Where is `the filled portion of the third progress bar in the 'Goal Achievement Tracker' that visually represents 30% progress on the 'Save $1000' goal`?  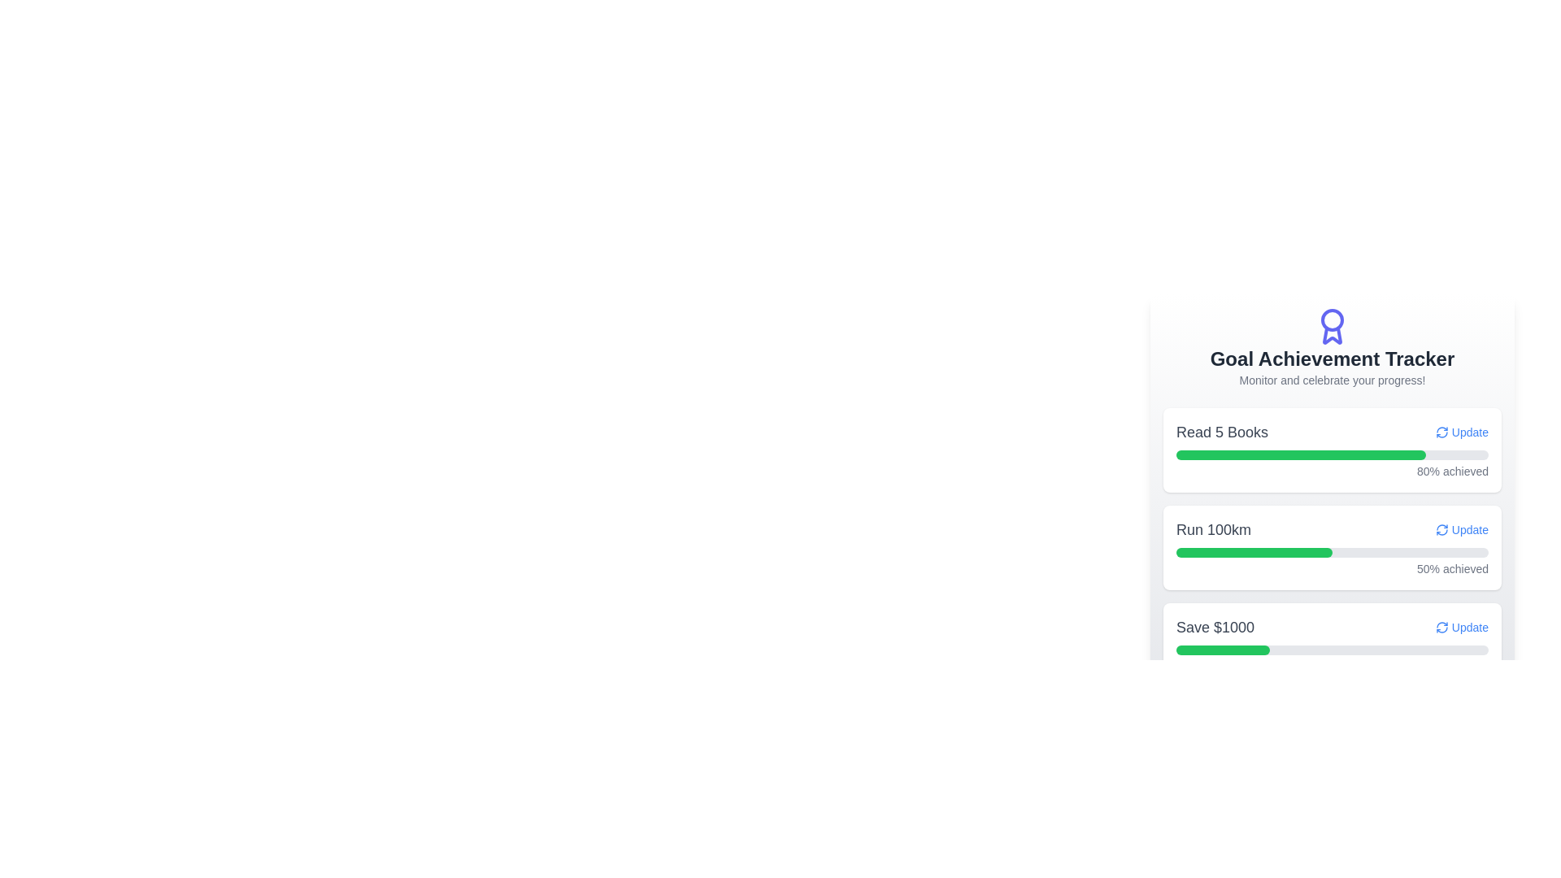 the filled portion of the third progress bar in the 'Goal Achievement Tracker' that visually represents 30% progress on the 'Save $1000' goal is located at coordinates (1223, 649).